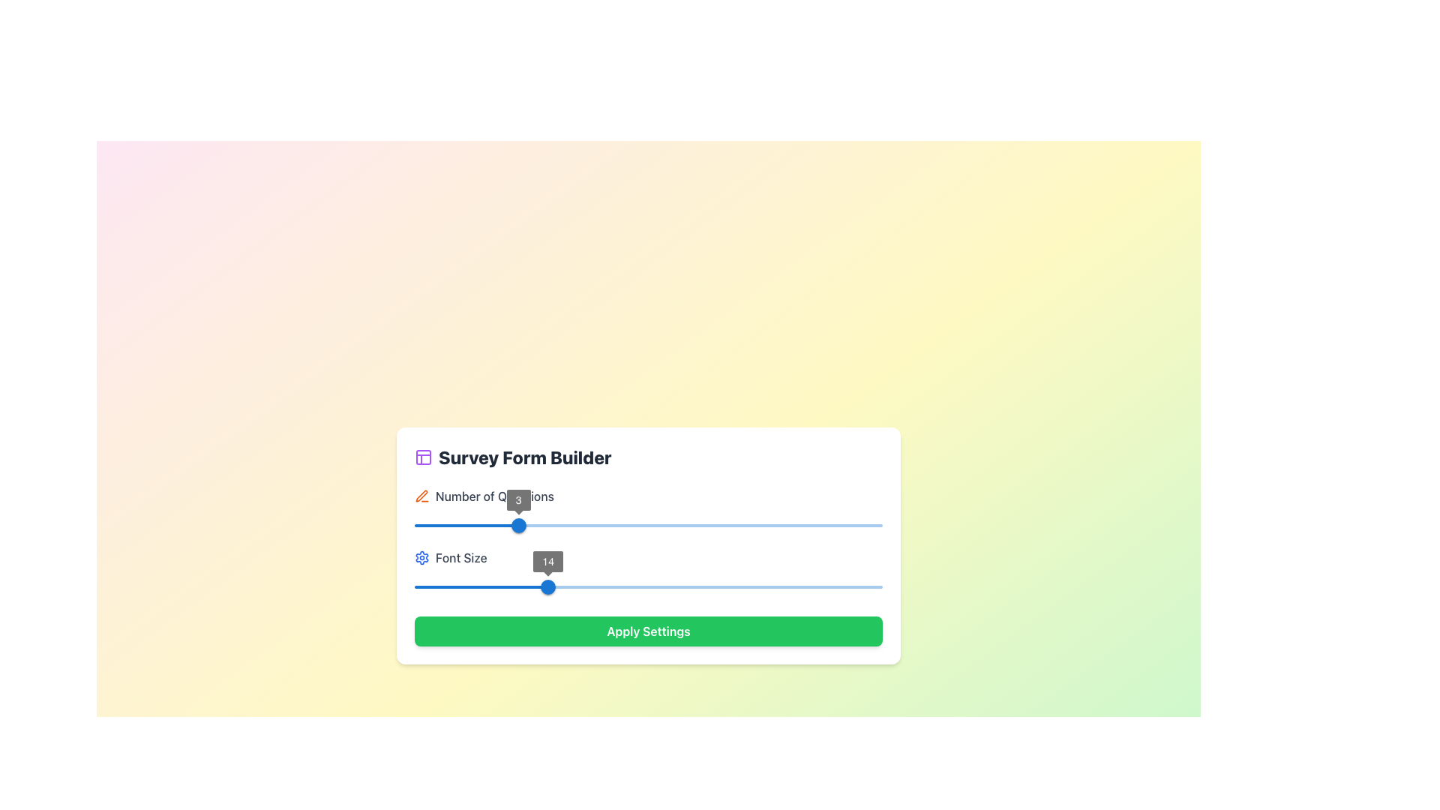 This screenshot has height=810, width=1440. Describe the element at coordinates (671, 586) in the screenshot. I see `the slider value` at that location.